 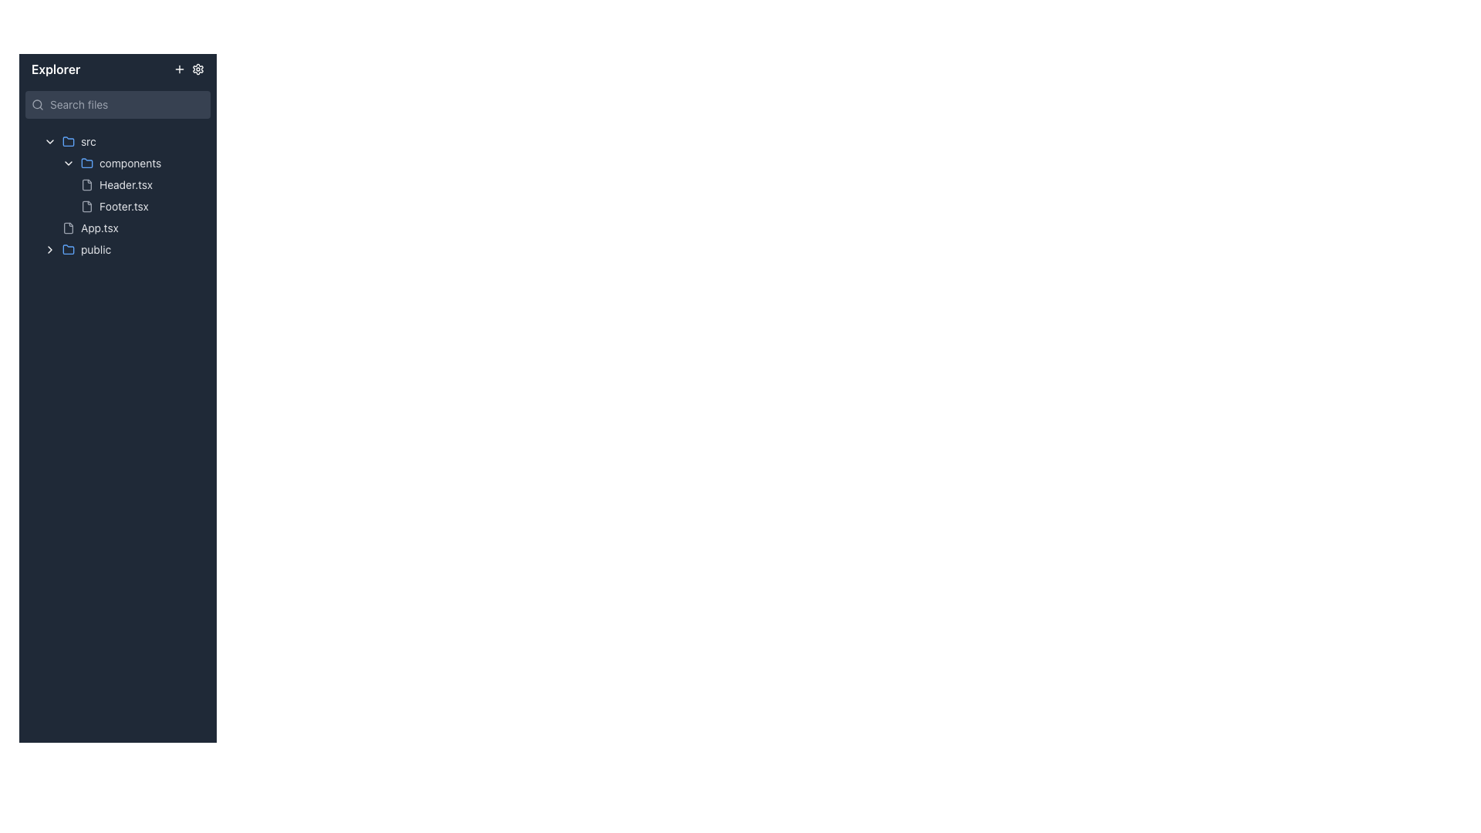 I want to click on the text element labeled 'Header.tsx' in the sidebar panel, so click(x=143, y=184).